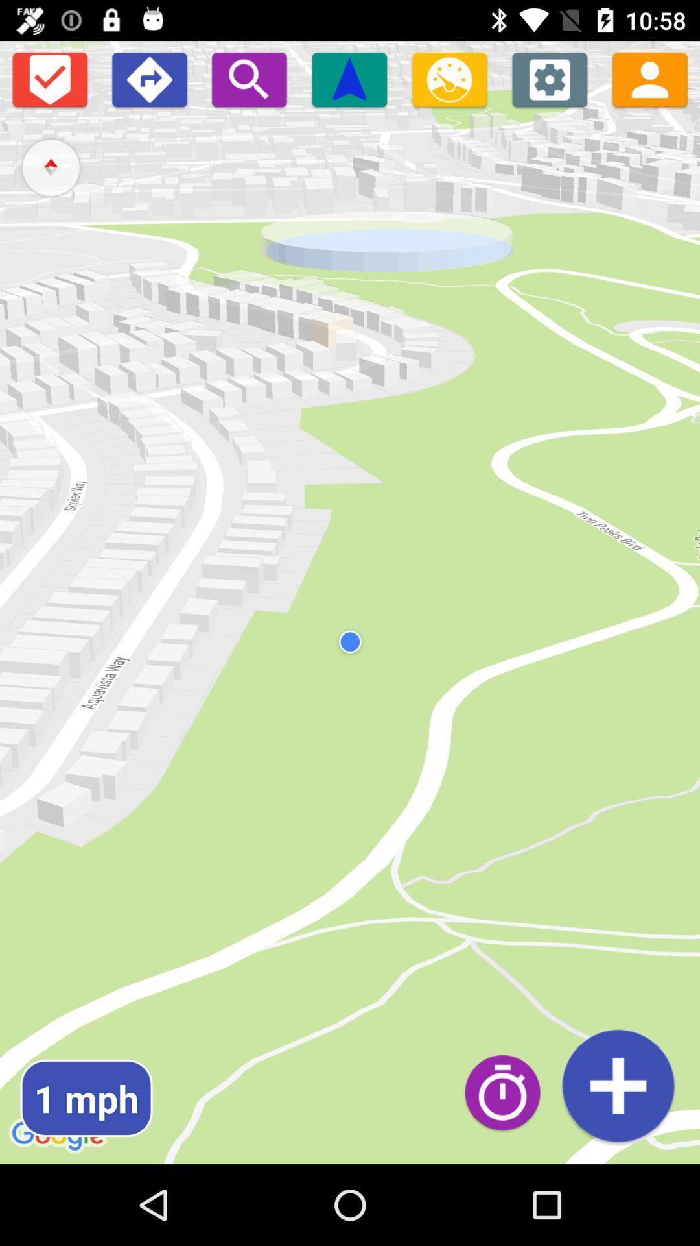 The image size is (700, 1246). Describe the element at coordinates (49, 79) in the screenshot. I see `the check icon` at that location.